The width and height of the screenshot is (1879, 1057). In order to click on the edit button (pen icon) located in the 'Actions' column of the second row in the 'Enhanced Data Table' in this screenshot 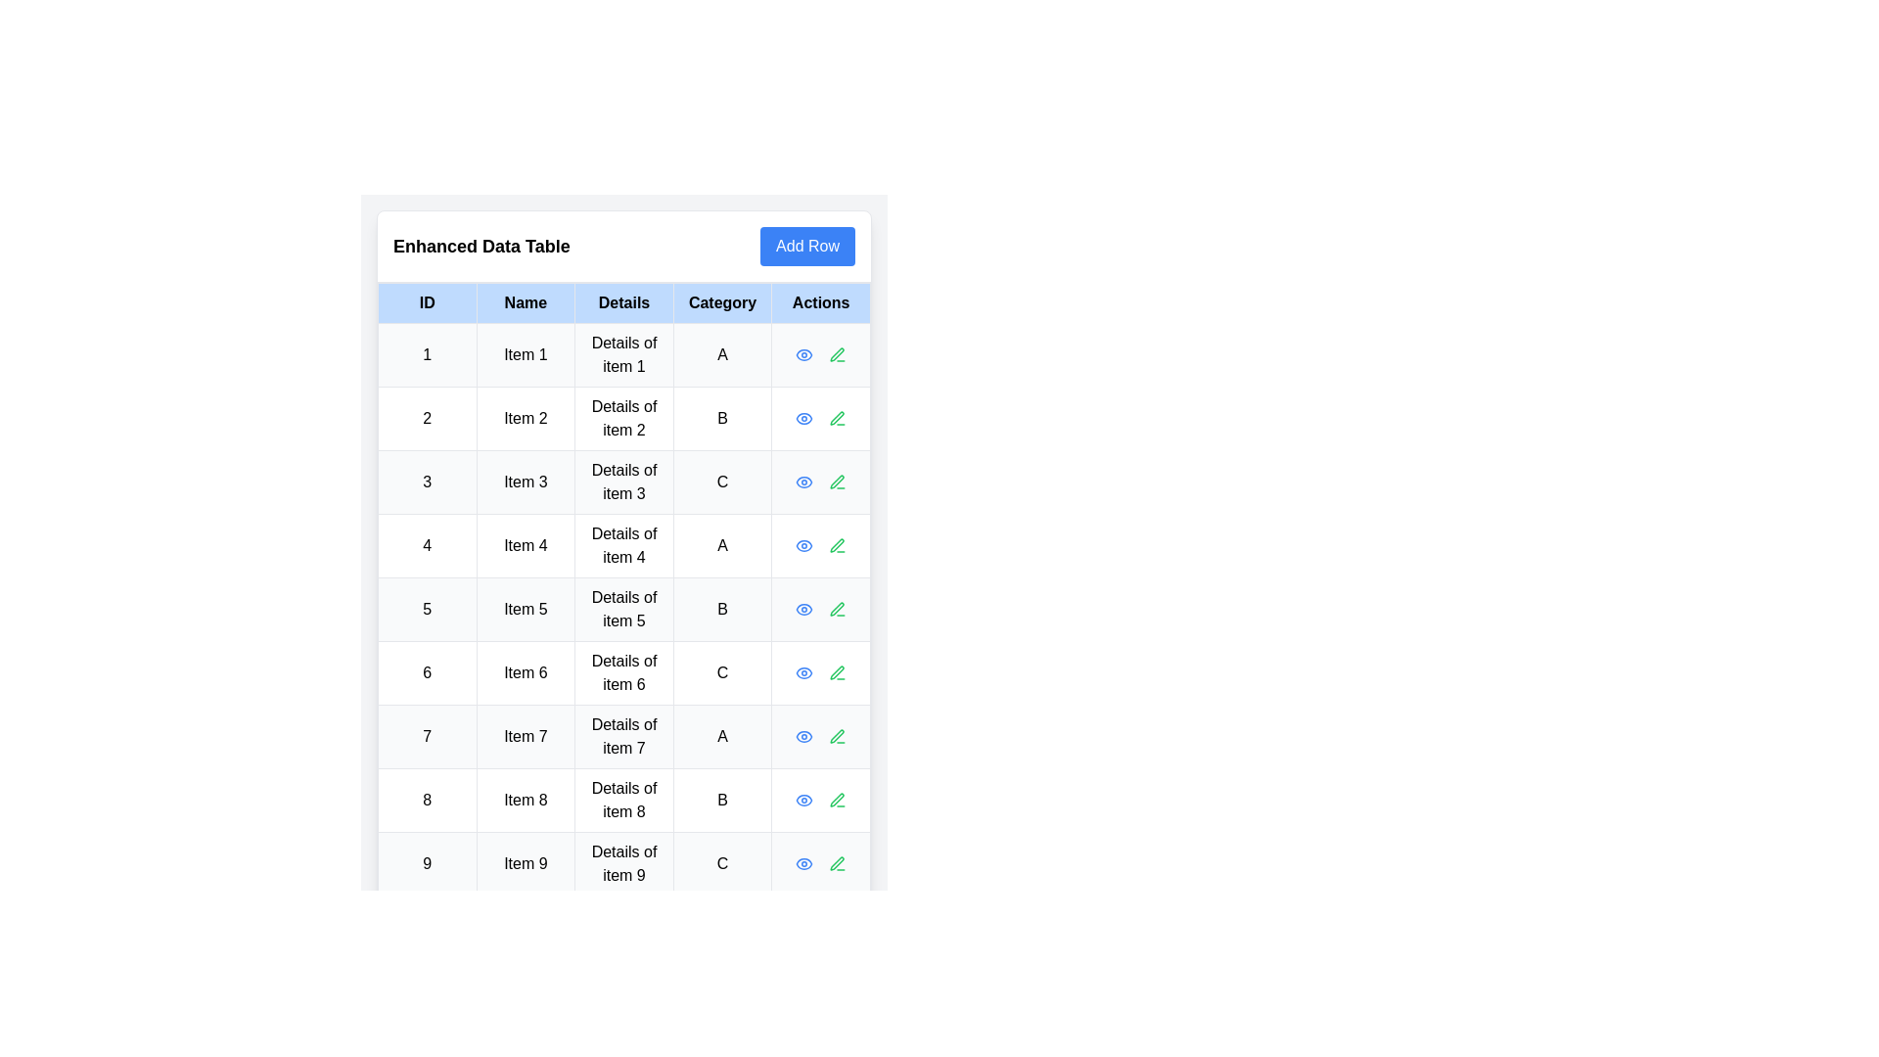, I will do `click(838, 418)`.